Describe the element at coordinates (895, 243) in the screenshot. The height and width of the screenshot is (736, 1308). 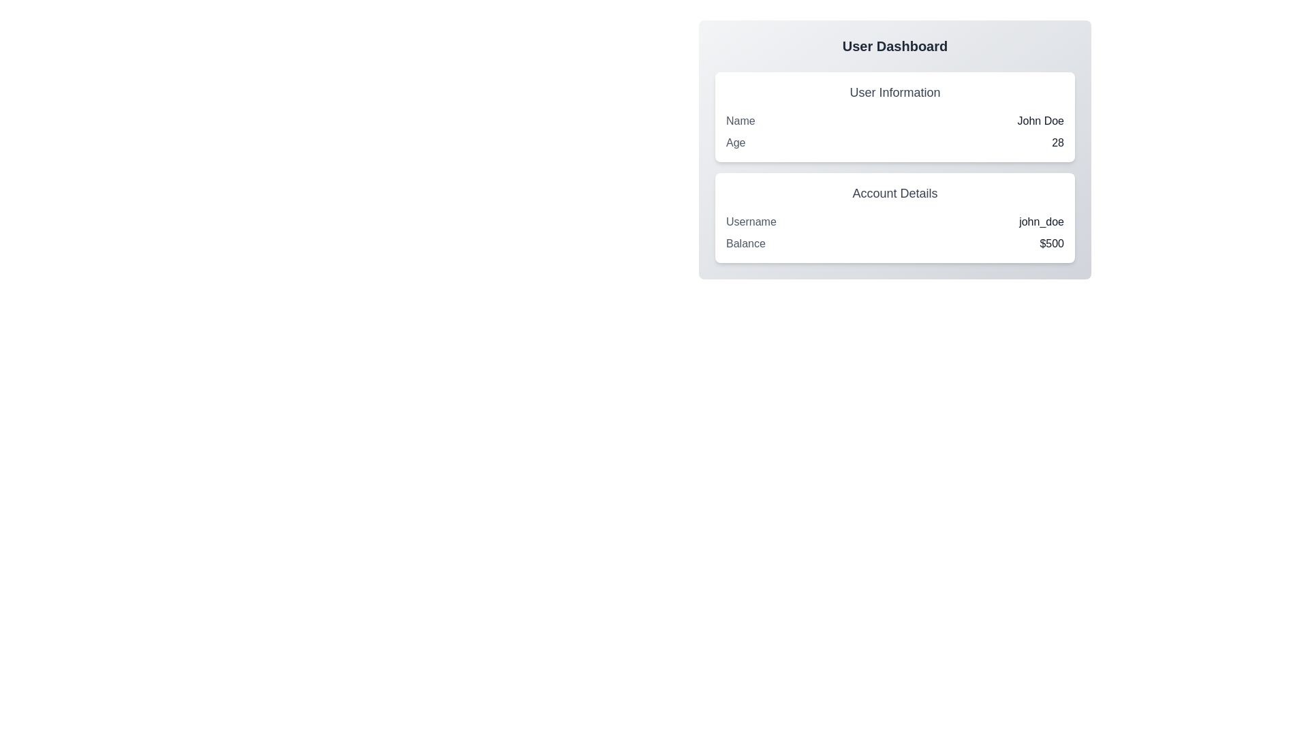
I see `the Information Display Row that shows the current balance of the user, located below the 'Username' row in the 'Account Details' card` at that location.